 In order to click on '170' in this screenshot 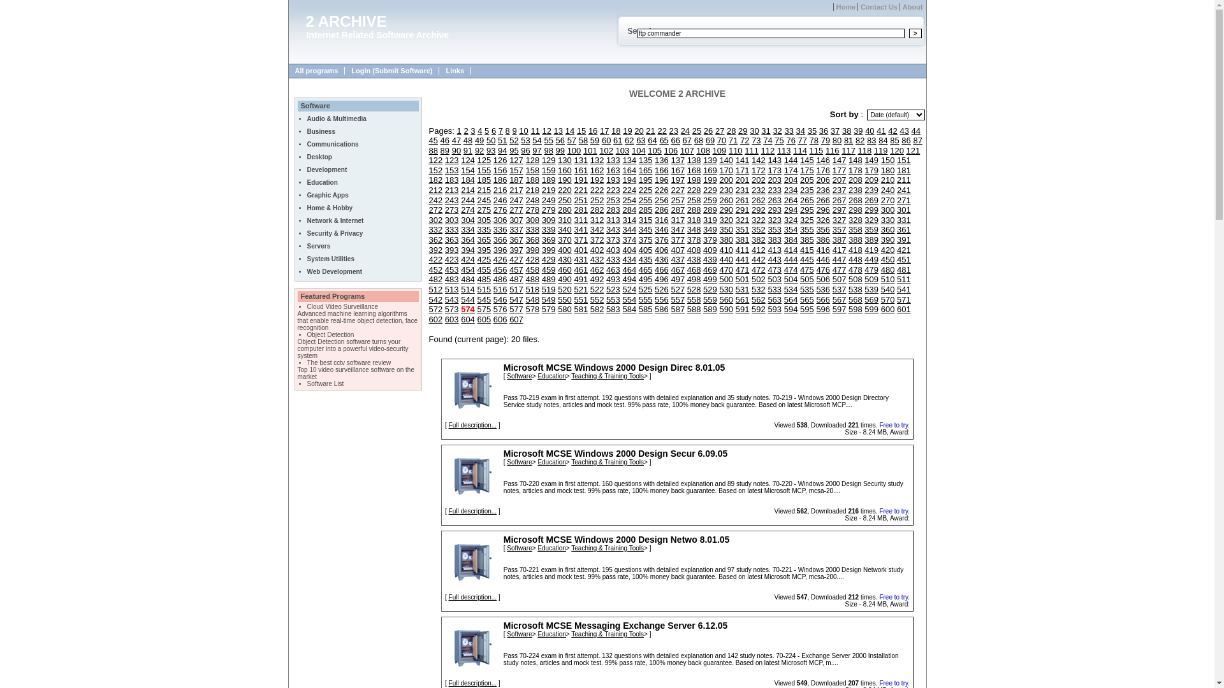, I will do `click(719, 169)`.